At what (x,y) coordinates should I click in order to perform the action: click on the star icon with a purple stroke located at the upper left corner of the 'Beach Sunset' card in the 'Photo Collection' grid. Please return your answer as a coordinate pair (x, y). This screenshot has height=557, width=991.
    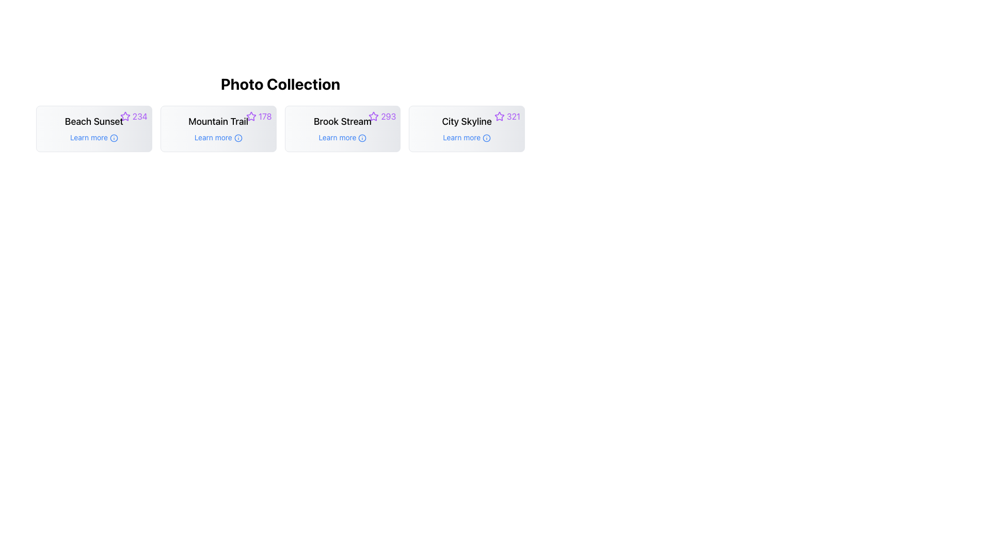
    Looking at the image, I should click on (124, 116).